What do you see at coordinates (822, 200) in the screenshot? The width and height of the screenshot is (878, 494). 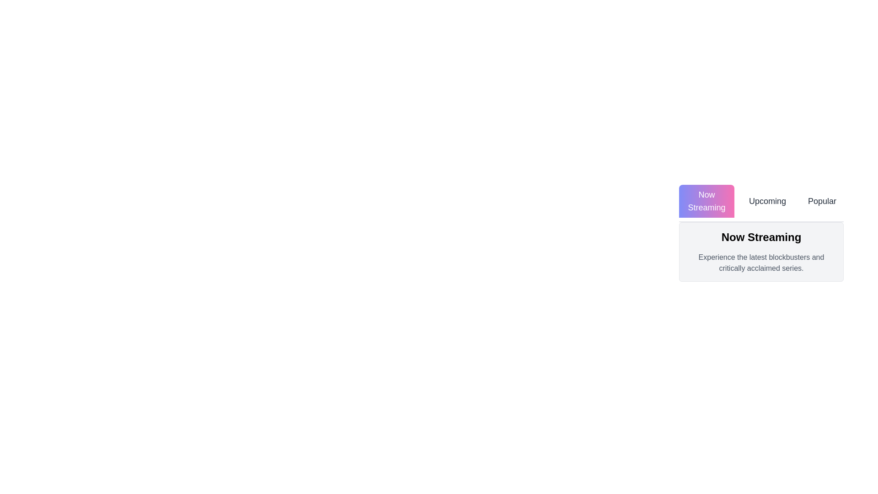 I see `the Popular tab to view its content` at bounding box center [822, 200].